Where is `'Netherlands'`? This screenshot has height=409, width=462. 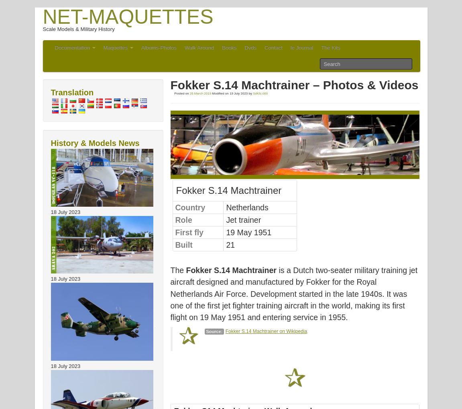
'Netherlands' is located at coordinates (247, 208).